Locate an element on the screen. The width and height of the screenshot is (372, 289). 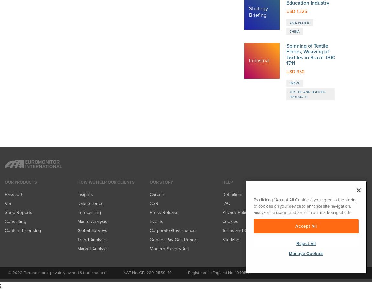
'Terms and Conditions' is located at coordinates (222, 20).